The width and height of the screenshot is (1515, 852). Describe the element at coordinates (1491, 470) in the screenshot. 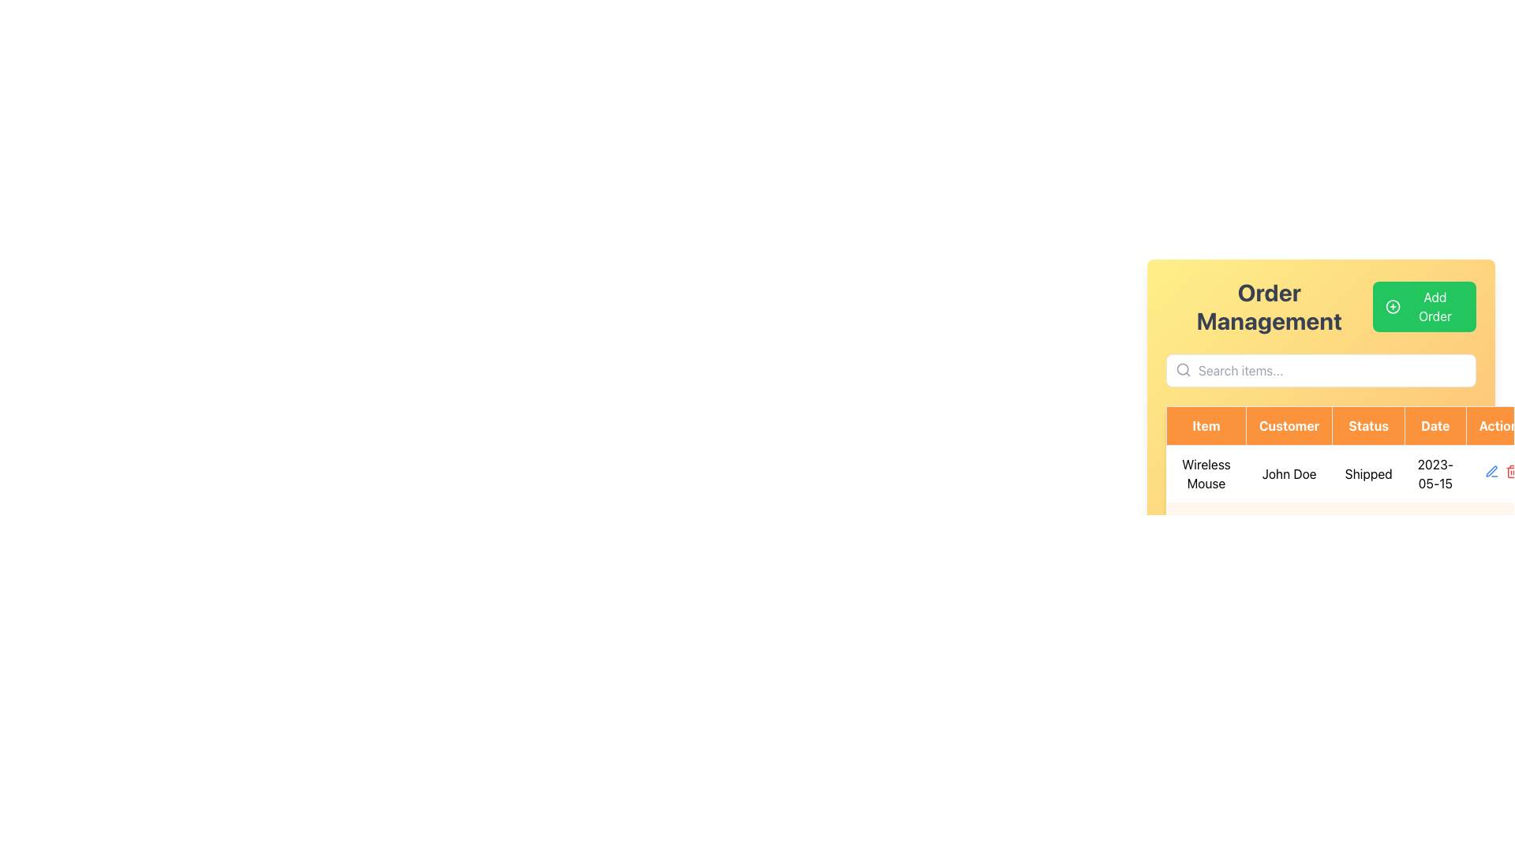

I see `the small pen icon located in the 'Actions' column of the data table next to the 'Wireless Mouse' entry` at that location.